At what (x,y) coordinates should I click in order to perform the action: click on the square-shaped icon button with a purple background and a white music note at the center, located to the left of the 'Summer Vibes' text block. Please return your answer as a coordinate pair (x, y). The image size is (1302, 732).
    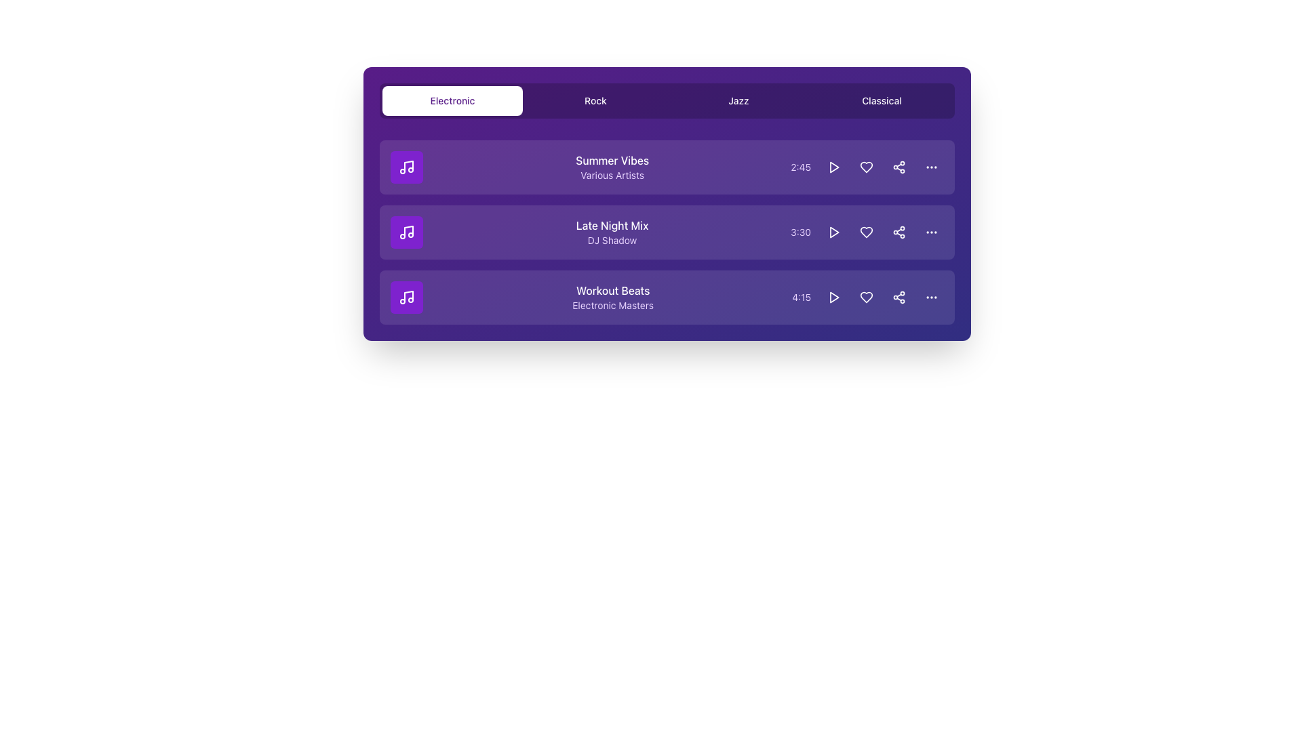
    Looking at the image, I should click on (406, 166).